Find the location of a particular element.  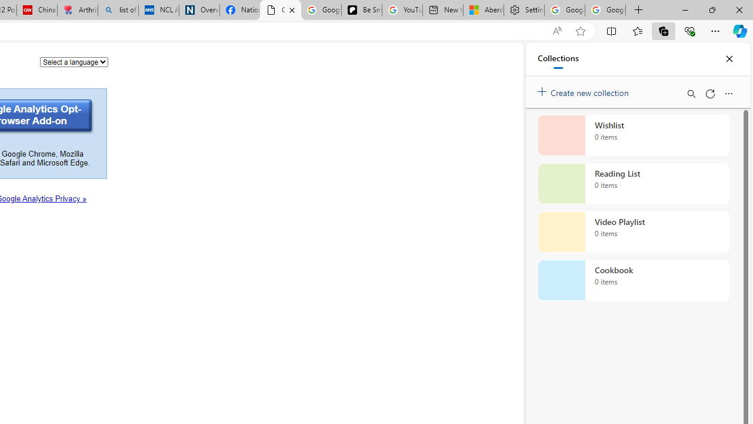

'Language' is located at coordinates (74, 61).